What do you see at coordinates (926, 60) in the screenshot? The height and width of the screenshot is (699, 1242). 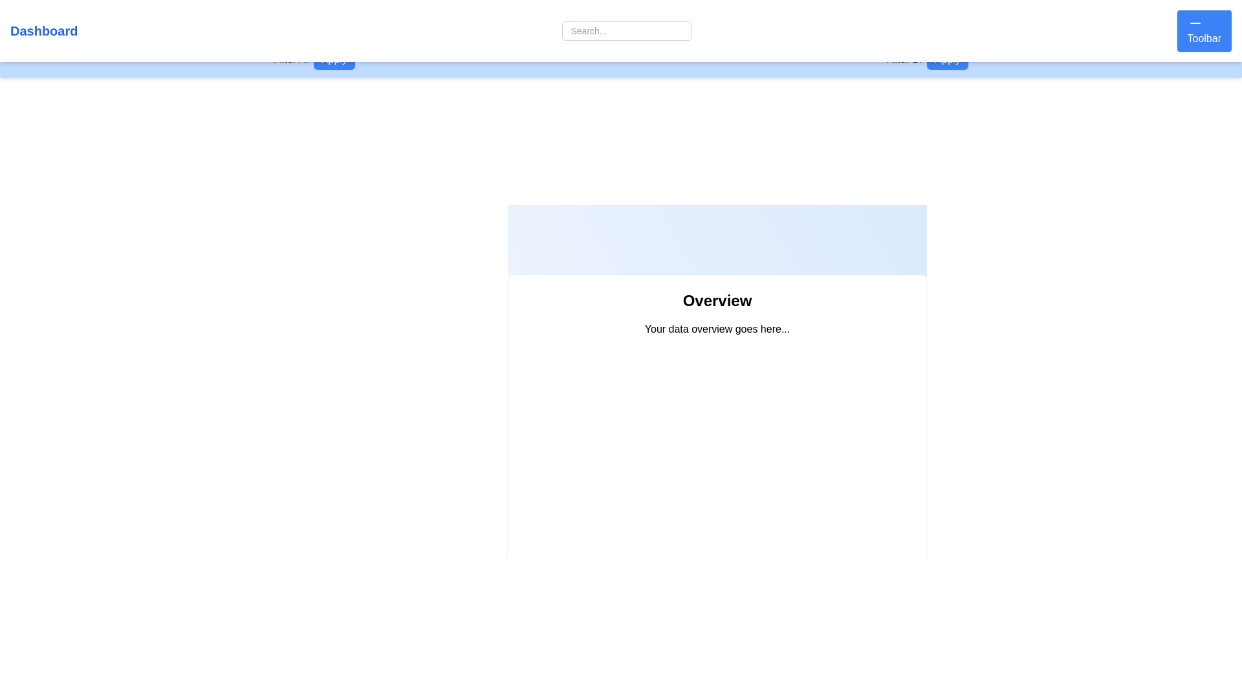 I see `the 'Apply' button located in the top bar, slightly right of the horizontal center` at bounding box center [926, 60].